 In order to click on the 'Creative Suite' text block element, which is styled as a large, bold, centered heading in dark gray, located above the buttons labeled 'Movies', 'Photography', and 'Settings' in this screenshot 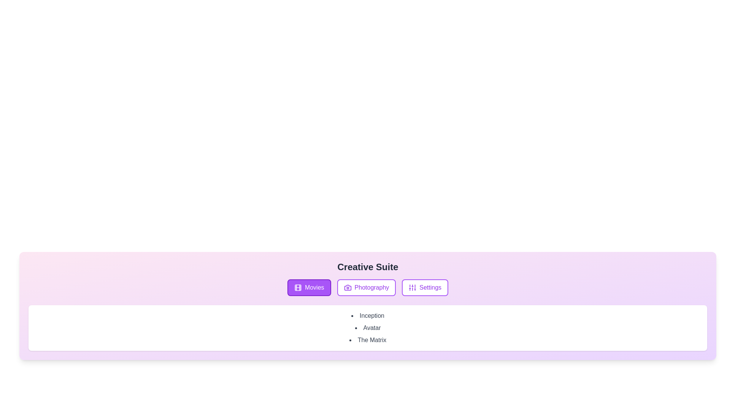, I will do `click(368, 267)`.